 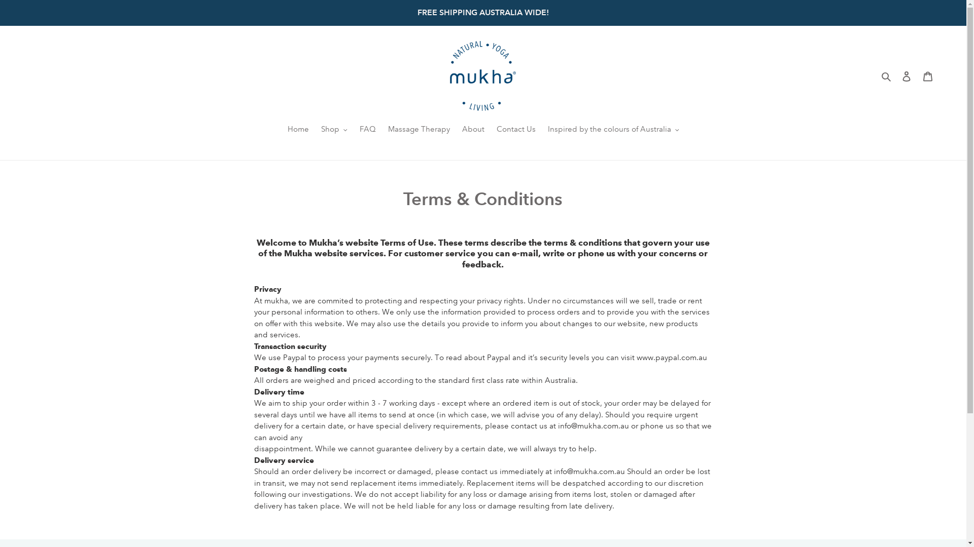 What do you see at coordinates (927, 75) in the screenshot?
I see `'Cart'` at bounding box center [927, 75].